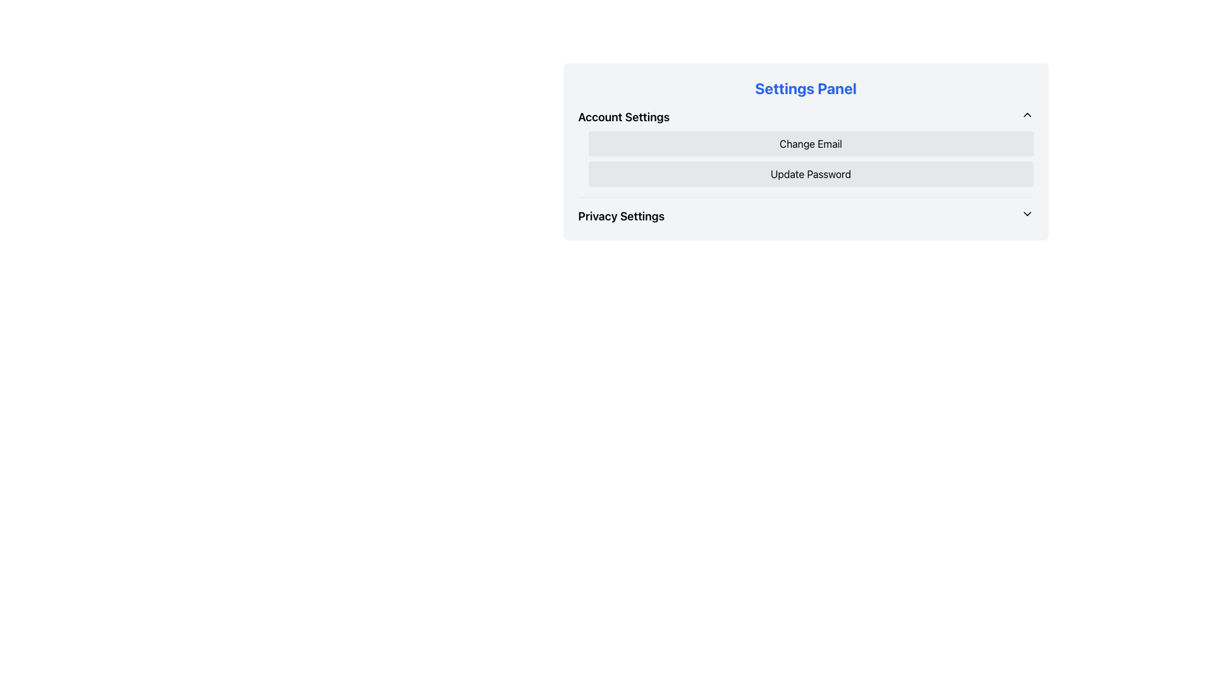 The width and height of the screenshot is (1214, 682). I want to click on the button that toggles the visibility of privacy-related settings in the 'Settings Panel', so click(805, 216).